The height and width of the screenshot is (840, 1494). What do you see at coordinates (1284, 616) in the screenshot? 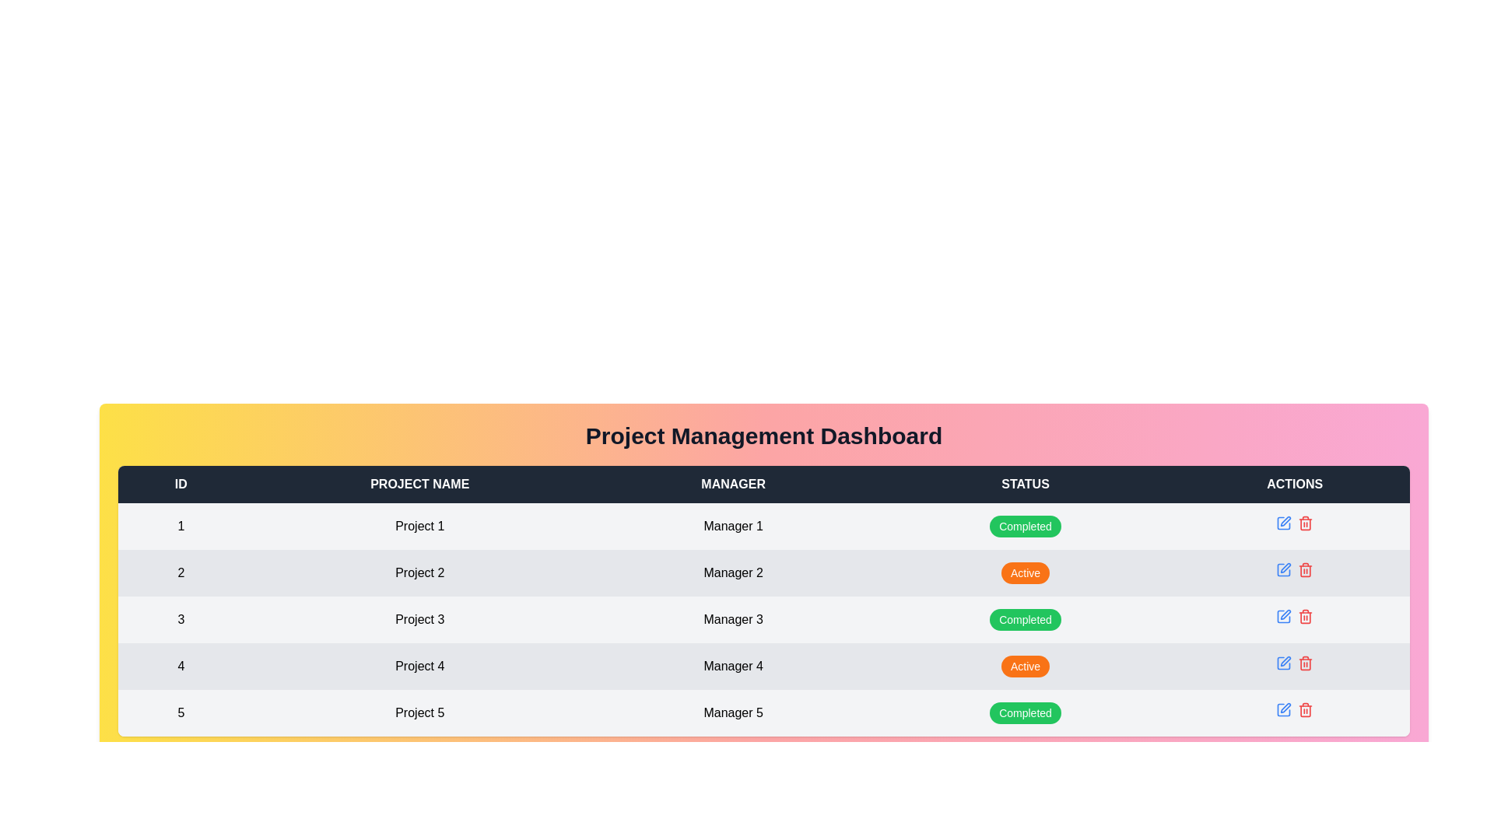
I see `the square outline button in the fourth row of the 'ACTIONS' column` at bounding box center [1284, 616].